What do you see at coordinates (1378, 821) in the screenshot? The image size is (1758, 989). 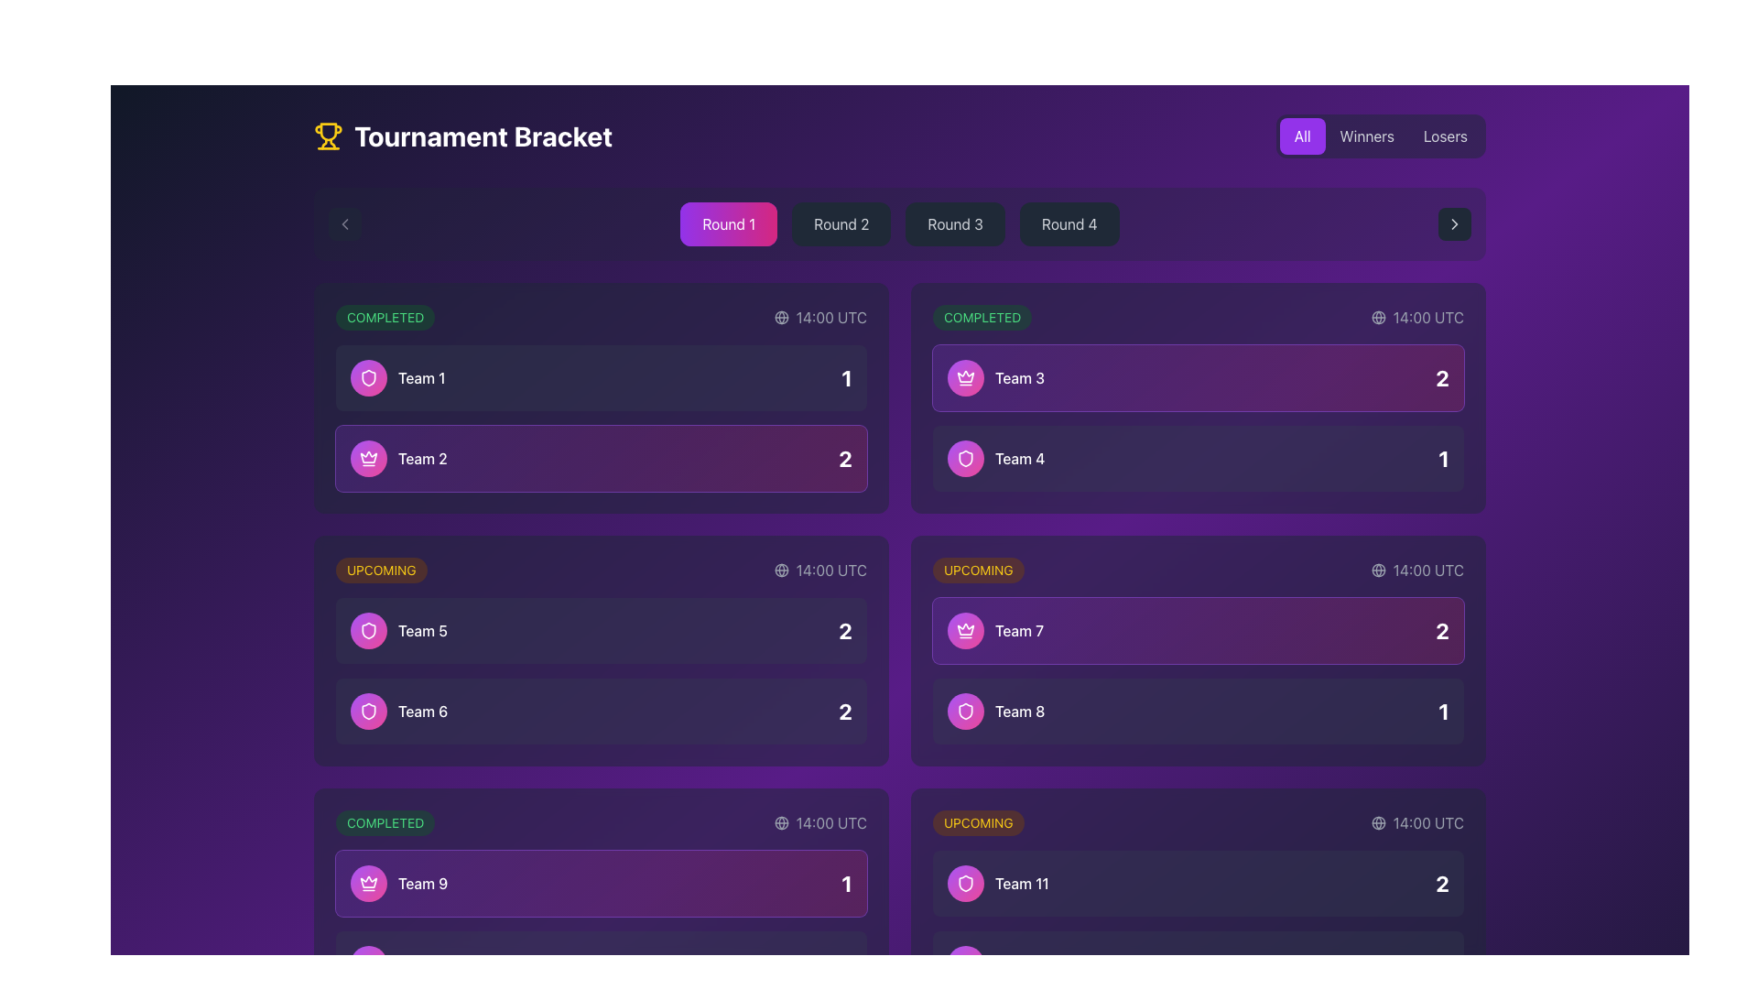 I see `the globe icon that serves as a visual indicator for global context, located before the text '14:00 UTC'` at bounding box center [1378, 821].